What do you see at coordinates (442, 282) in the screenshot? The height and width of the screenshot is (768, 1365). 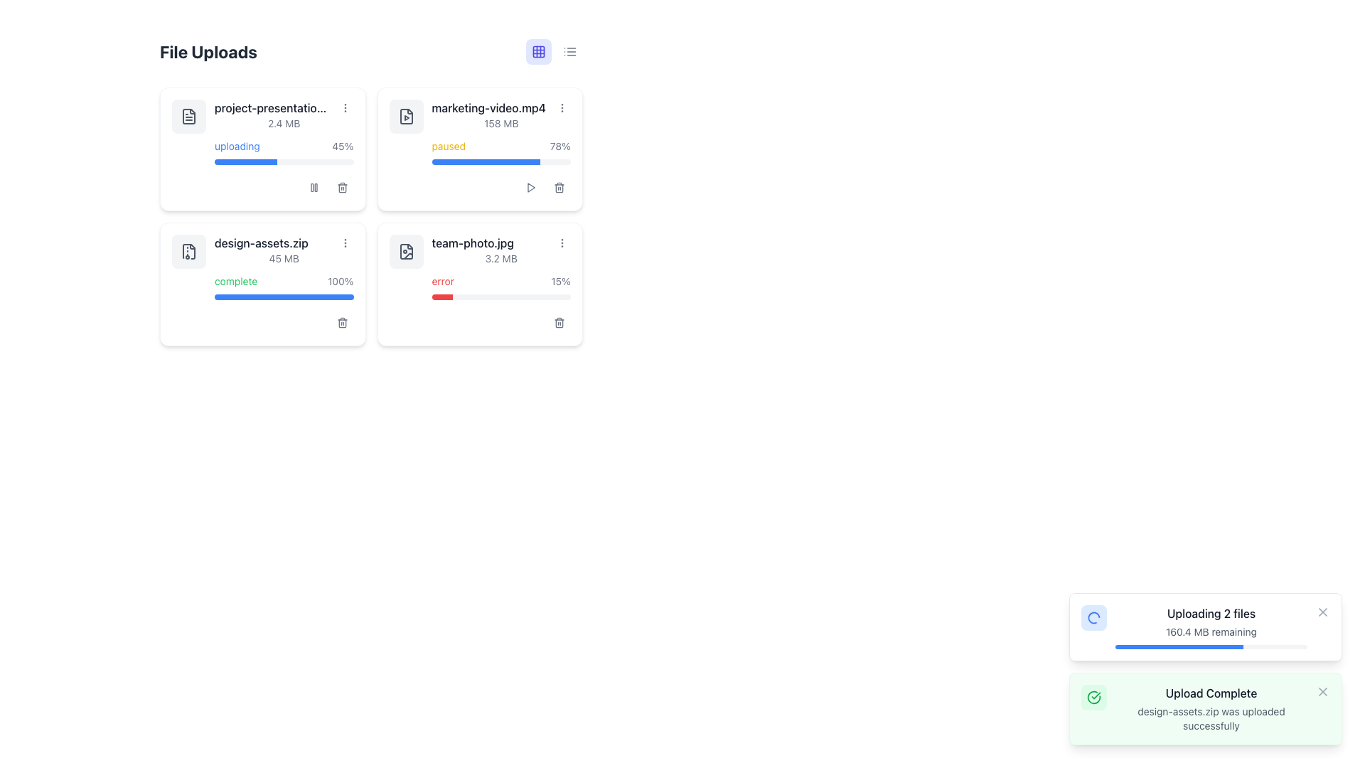 I see `the text label displaying 'error' in red, located in the bottom right card under the file named 'team-photo.jpg'` at bounding box center [442, 282].